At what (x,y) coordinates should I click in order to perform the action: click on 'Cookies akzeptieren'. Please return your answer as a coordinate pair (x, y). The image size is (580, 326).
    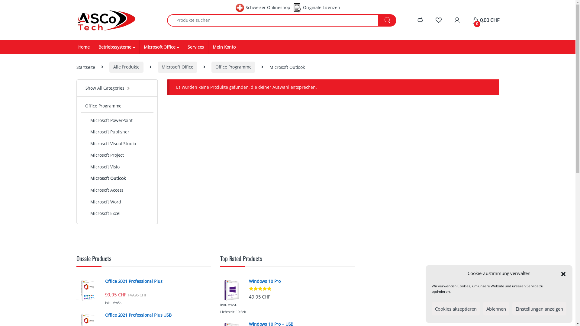
    Looking at the image, I should click on (456, 308).